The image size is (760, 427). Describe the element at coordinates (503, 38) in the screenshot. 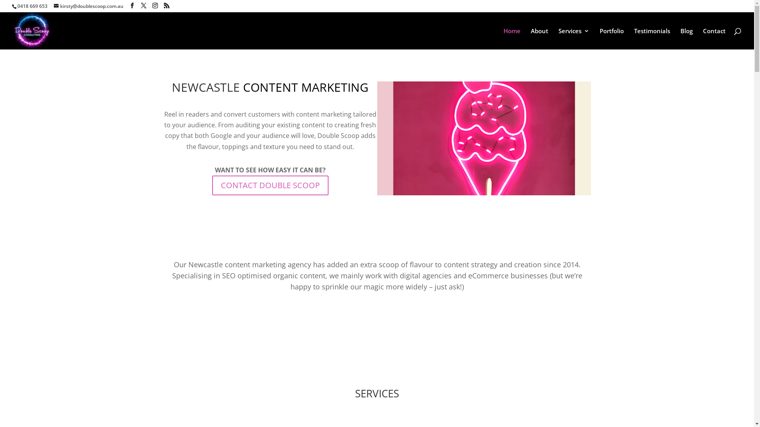

I see `'Home'` at that location.